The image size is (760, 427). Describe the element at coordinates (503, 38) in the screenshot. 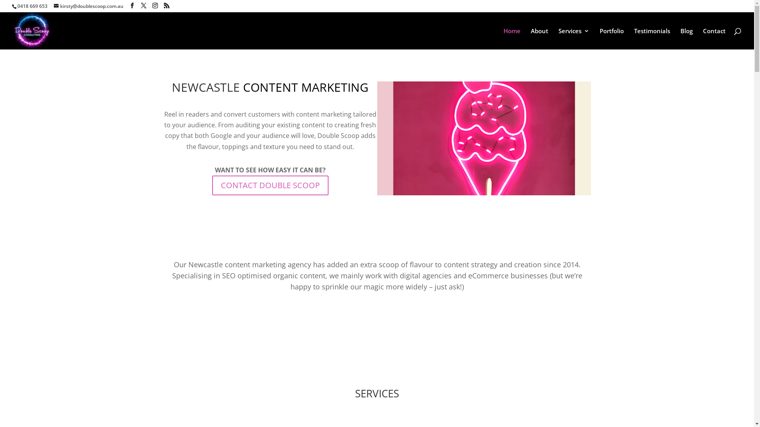

I see `'Home'` at that location.